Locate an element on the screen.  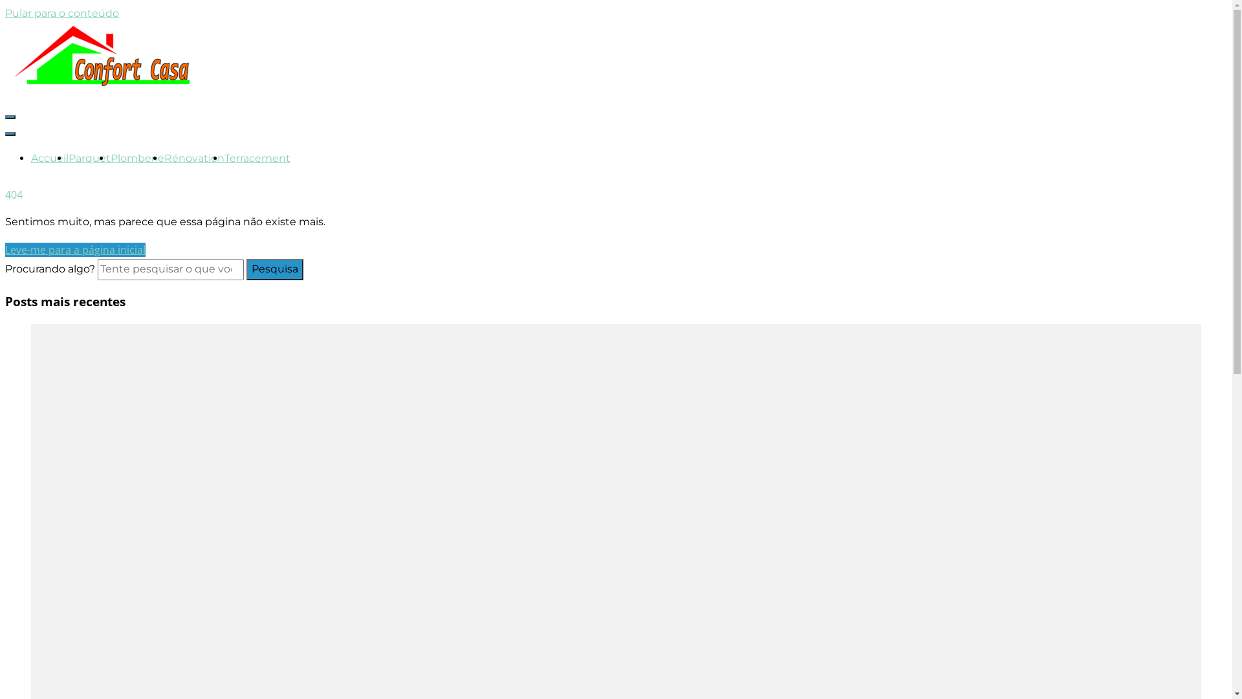
'Accueil' is located at coordinates (49, 157).